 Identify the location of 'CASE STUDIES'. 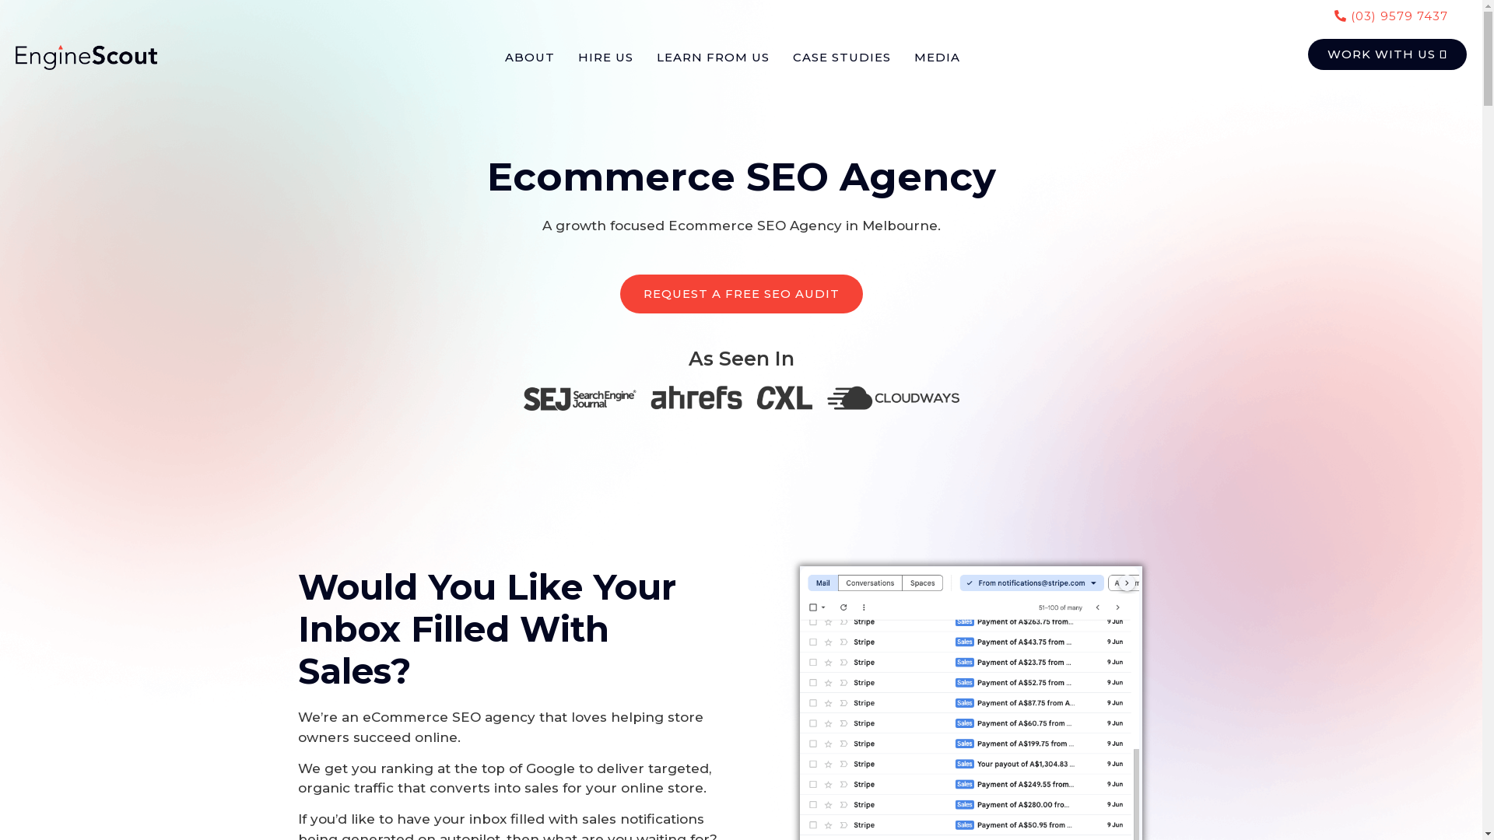
(840, 56).